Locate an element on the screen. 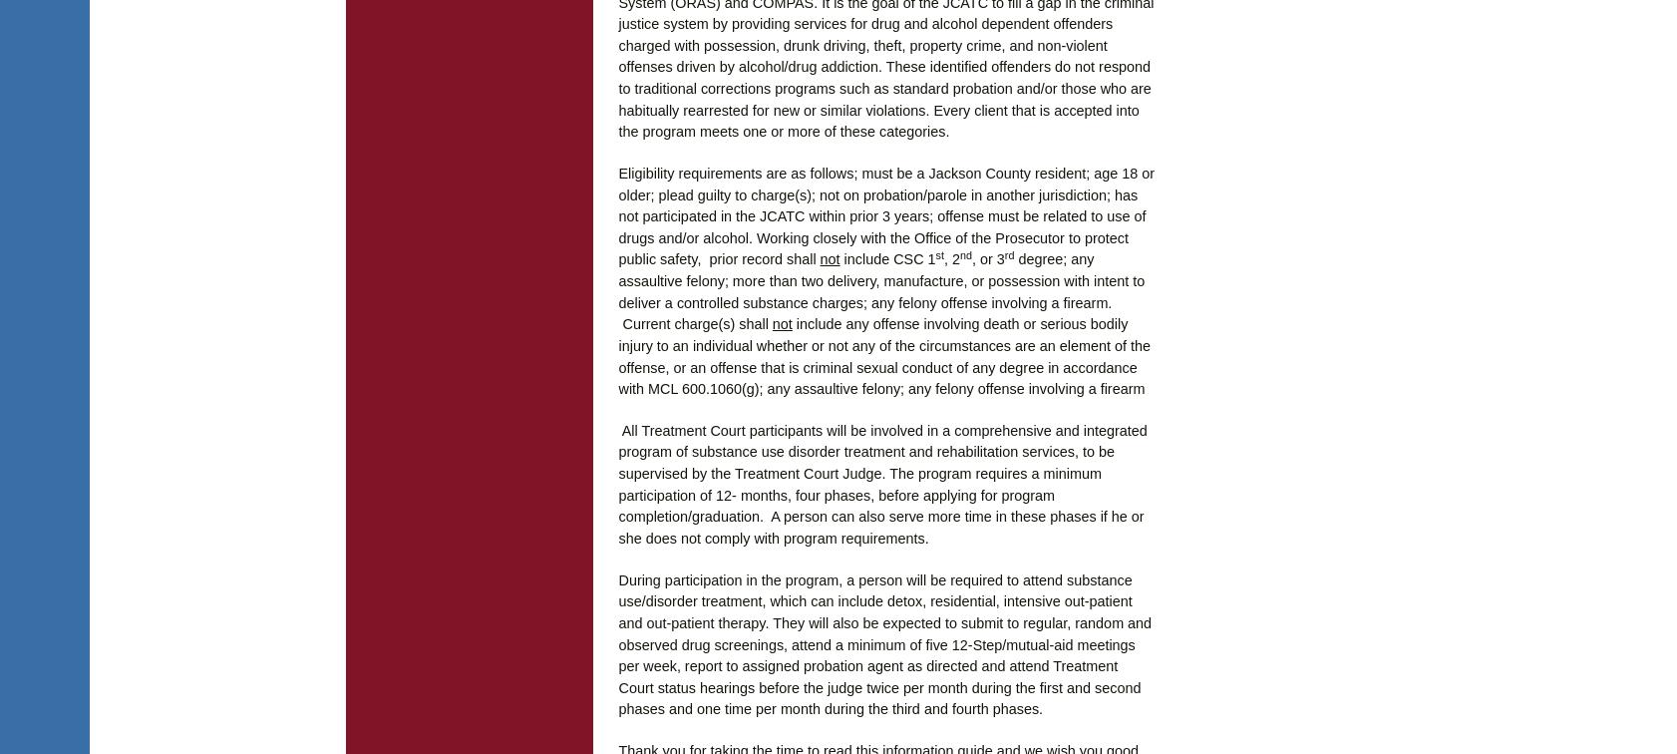  'degree; any assaultive felony; more than two delivery, manufacture, or possession with intent to deliver a controlled substance charges; any felony offense involving a firearm.  Current charge(s) shall' is located at coordinates (880, 291).